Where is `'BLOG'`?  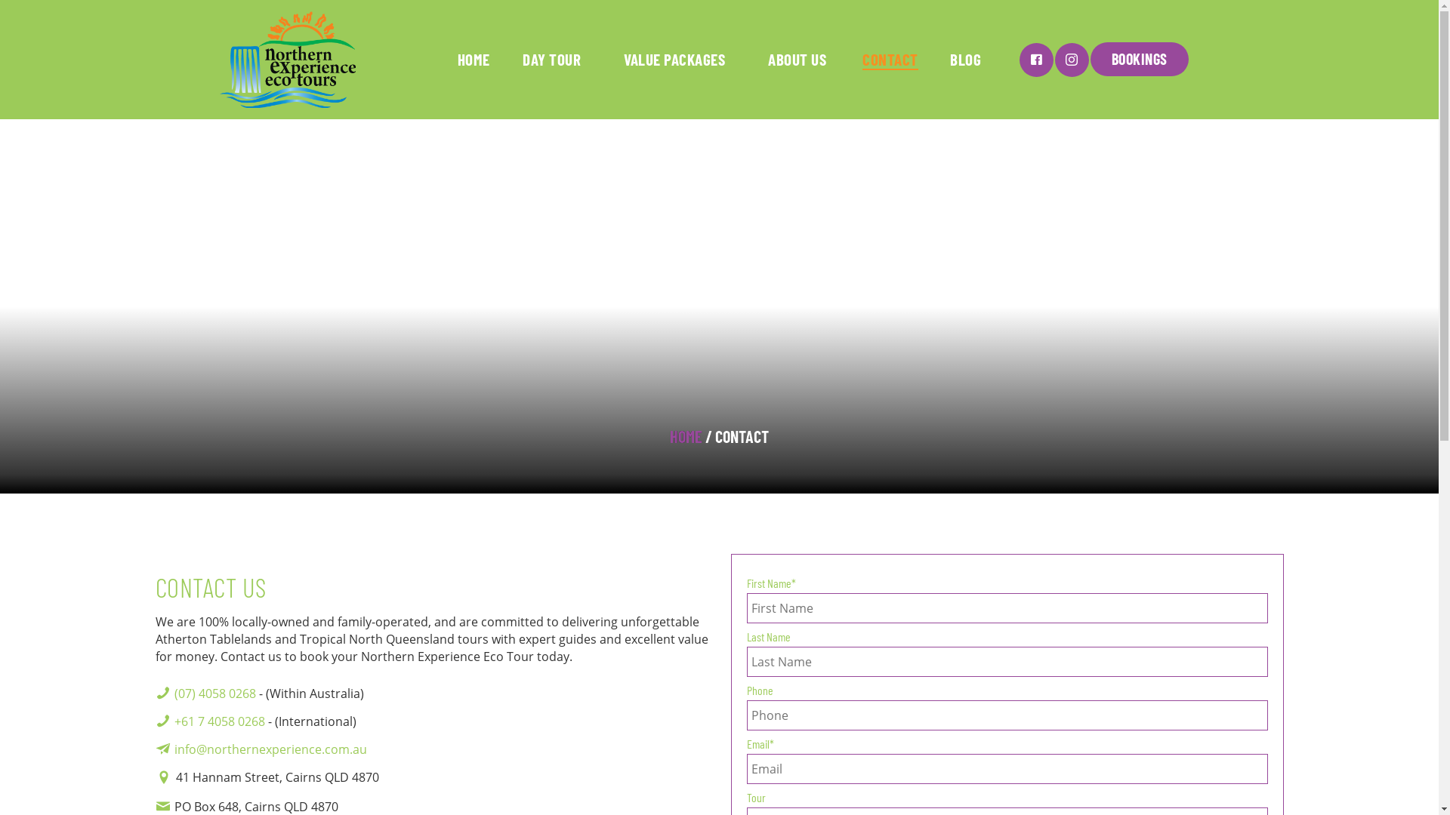 'BLOG' is located at coordinates (942, 58).